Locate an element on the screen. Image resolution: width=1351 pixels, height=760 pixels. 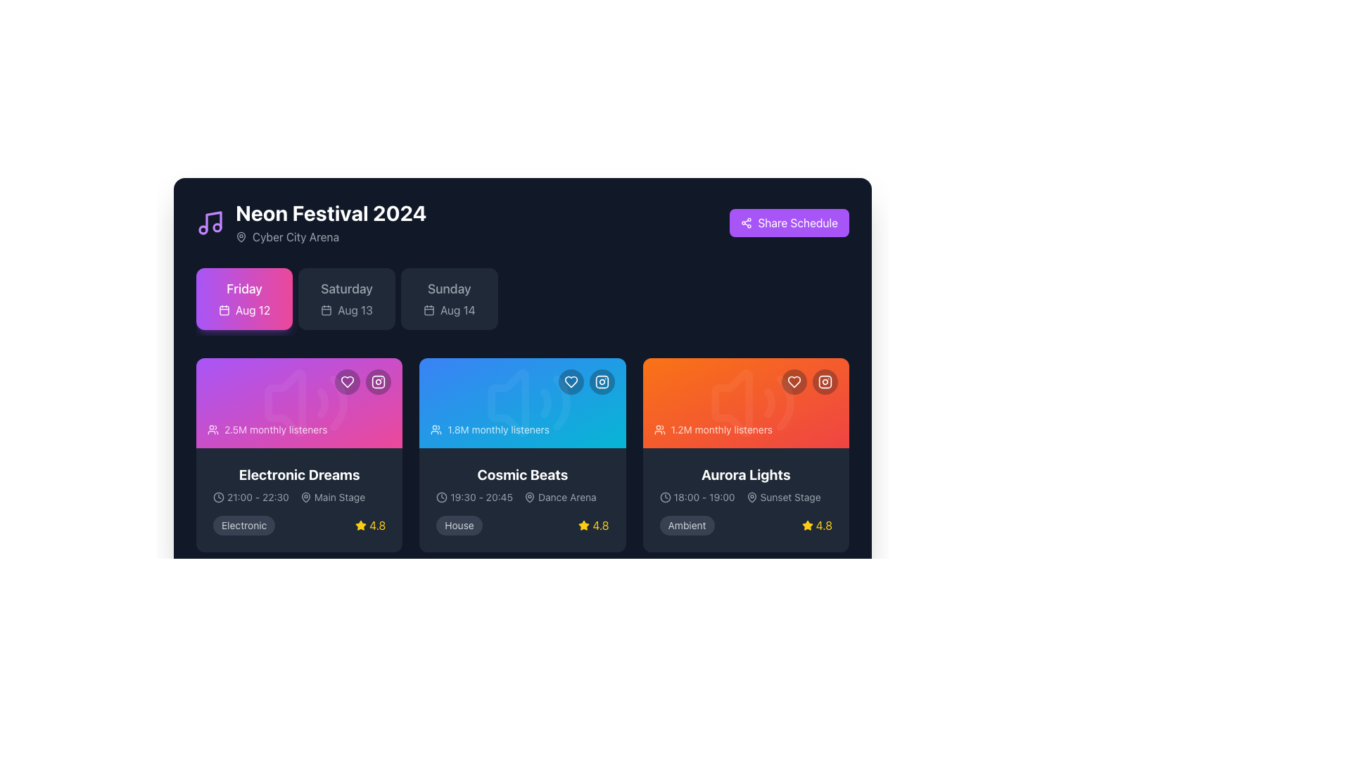
the first circular button with a gray-transparent background and a white outlined heart icon located at the top-right corner of the blue 'Cosmic Beats' card is located at coordinates (571, 382).